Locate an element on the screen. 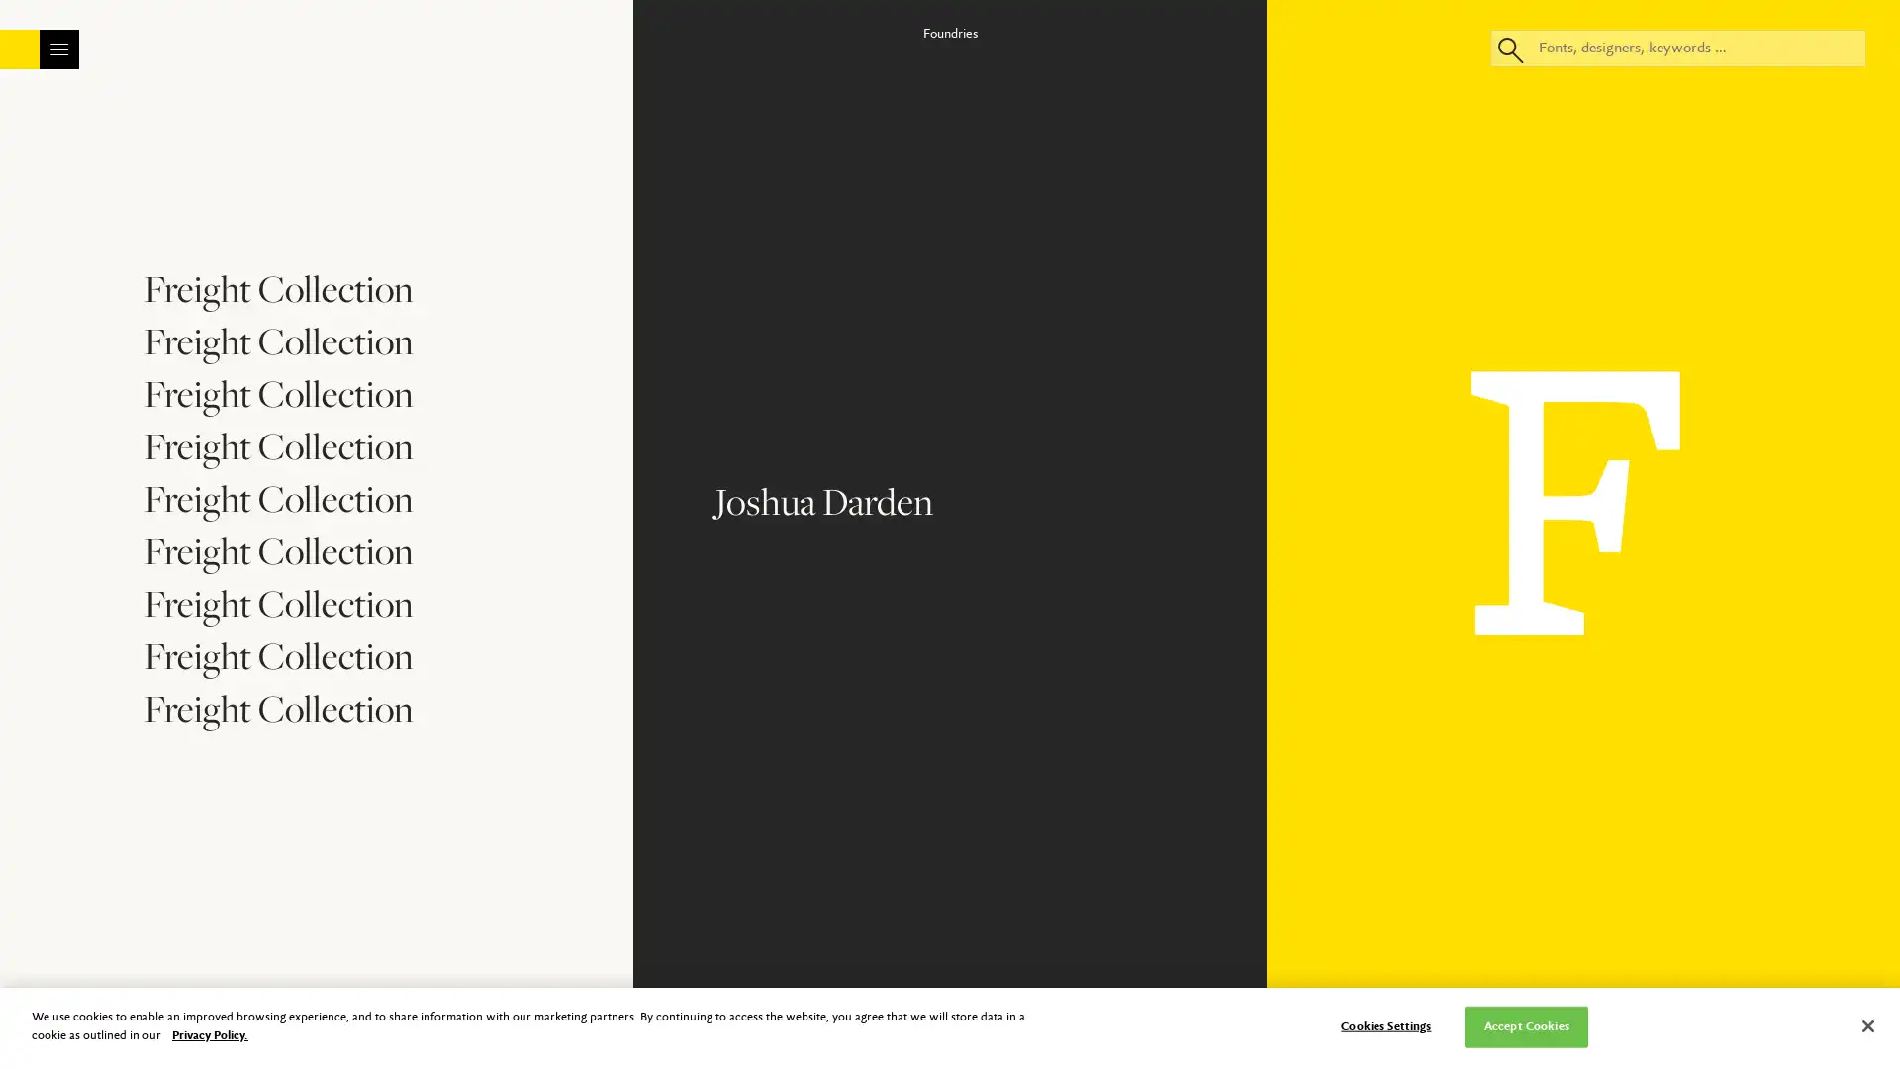 Image resolution: width=1900 pixels, height=1069 pixels. Close is located at coordinates (1124, 141).